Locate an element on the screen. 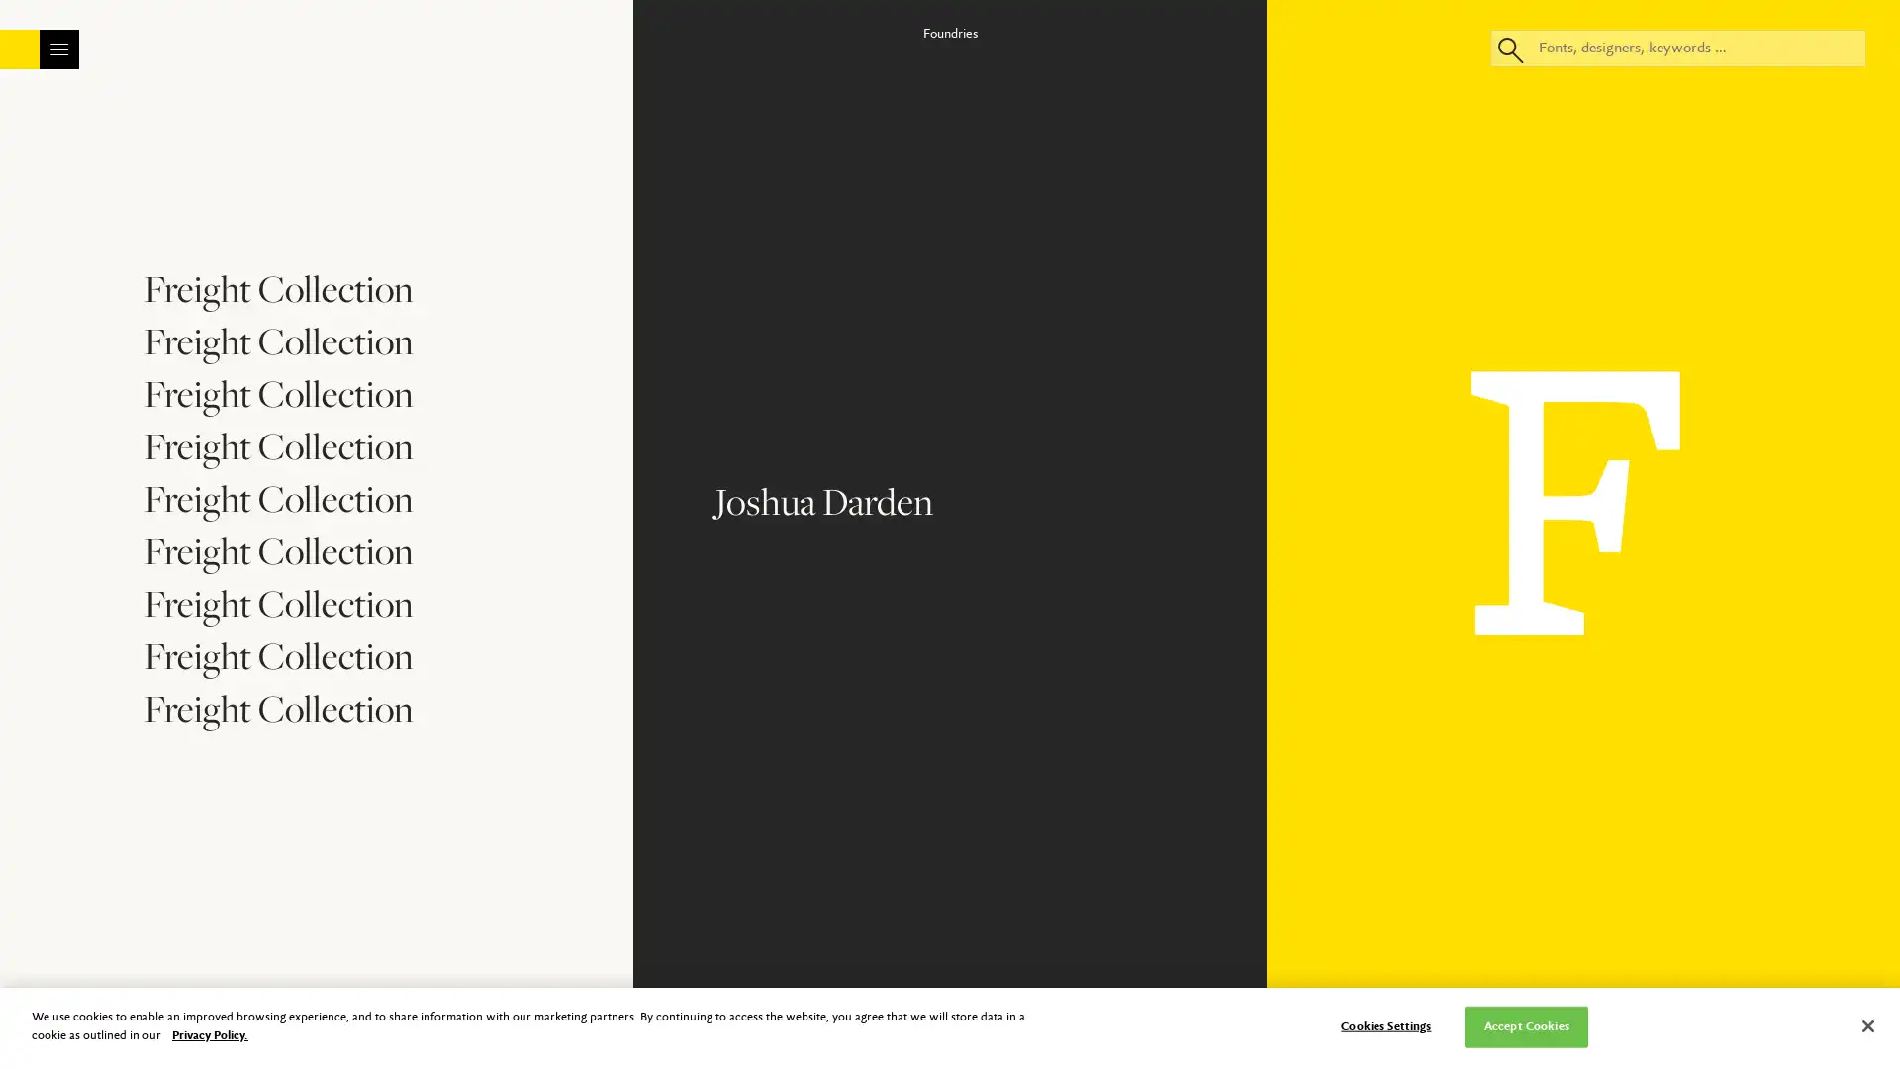 Image resolution: width=1900 pixels, height=1069 pixels. Close is located at coordinates (1124, 141).